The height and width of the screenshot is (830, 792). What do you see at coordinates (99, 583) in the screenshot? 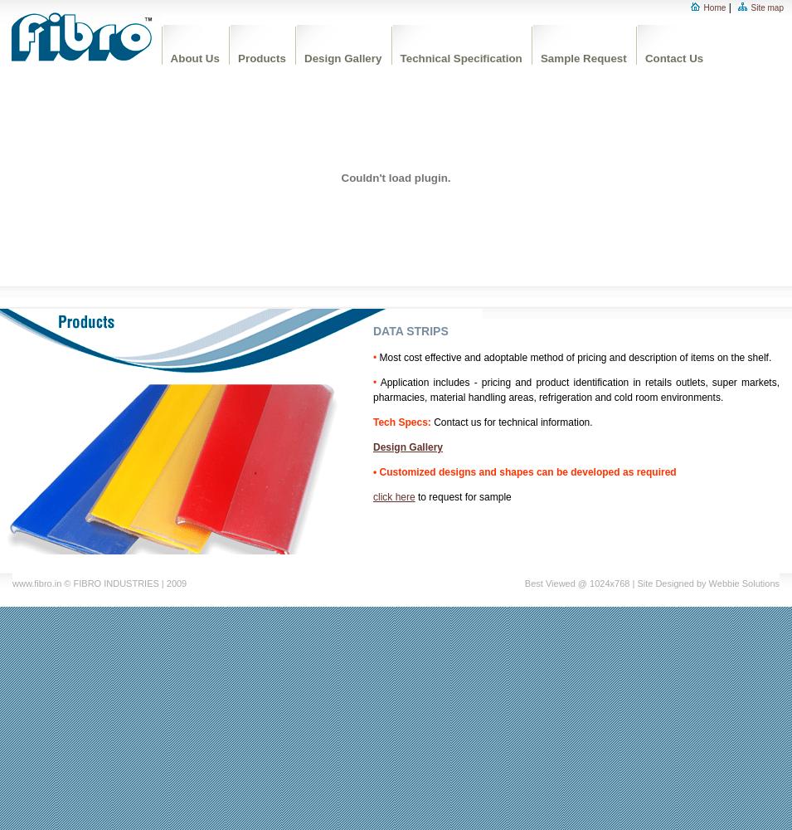
I see `'www.fibro.in © FIBRO INDUSTRIES | 2009'` at bounding box center [99, 583].